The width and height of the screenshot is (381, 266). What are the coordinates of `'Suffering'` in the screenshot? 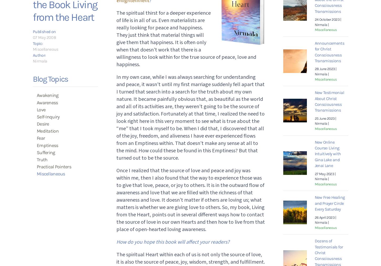 It's located at (45, 152).